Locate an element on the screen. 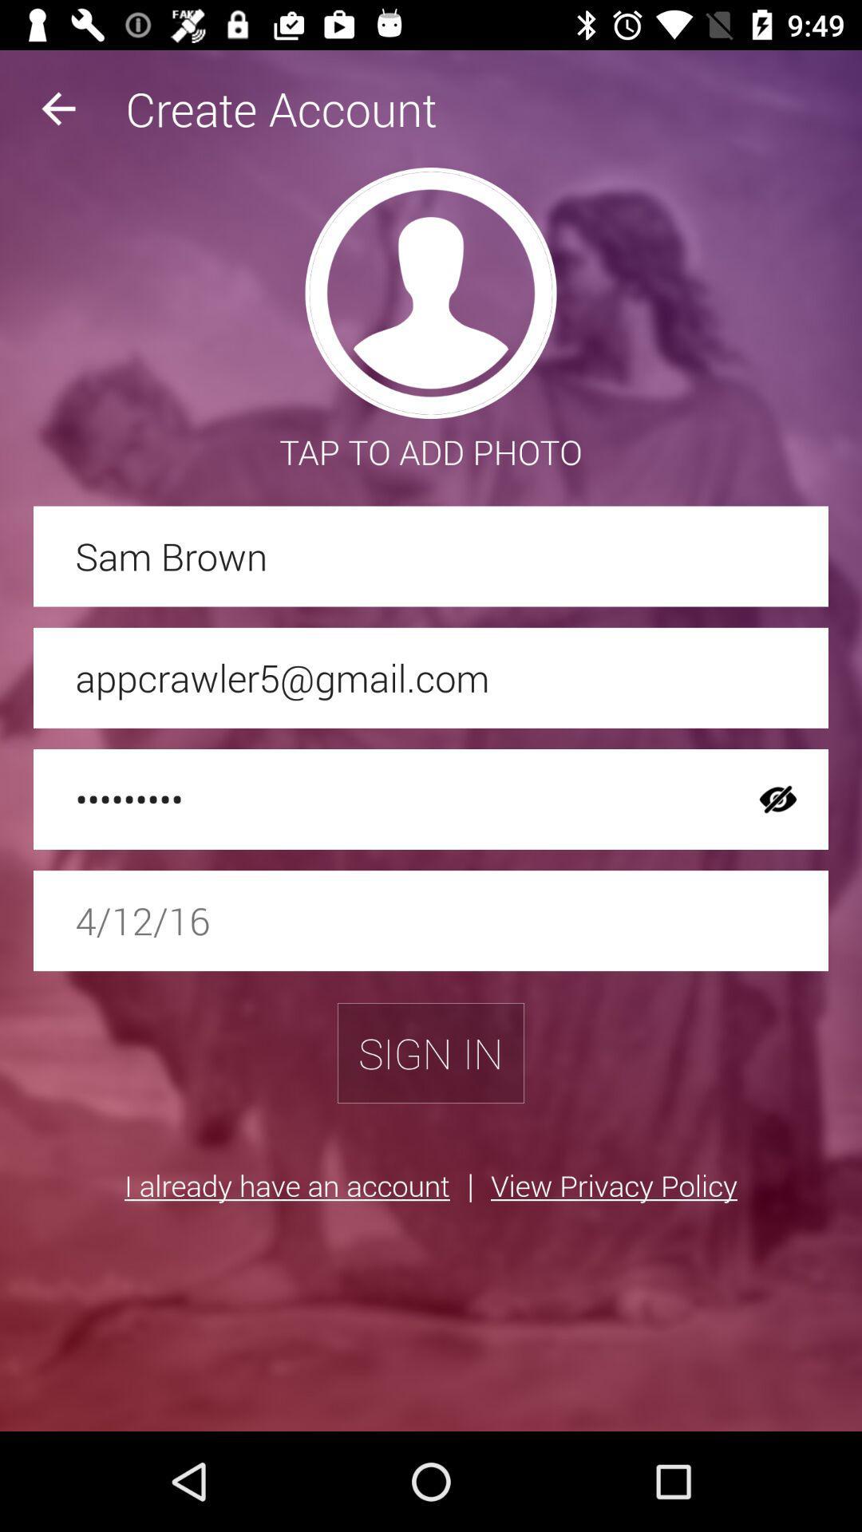  the item next to the   | is located at coordinates (613, 1185).